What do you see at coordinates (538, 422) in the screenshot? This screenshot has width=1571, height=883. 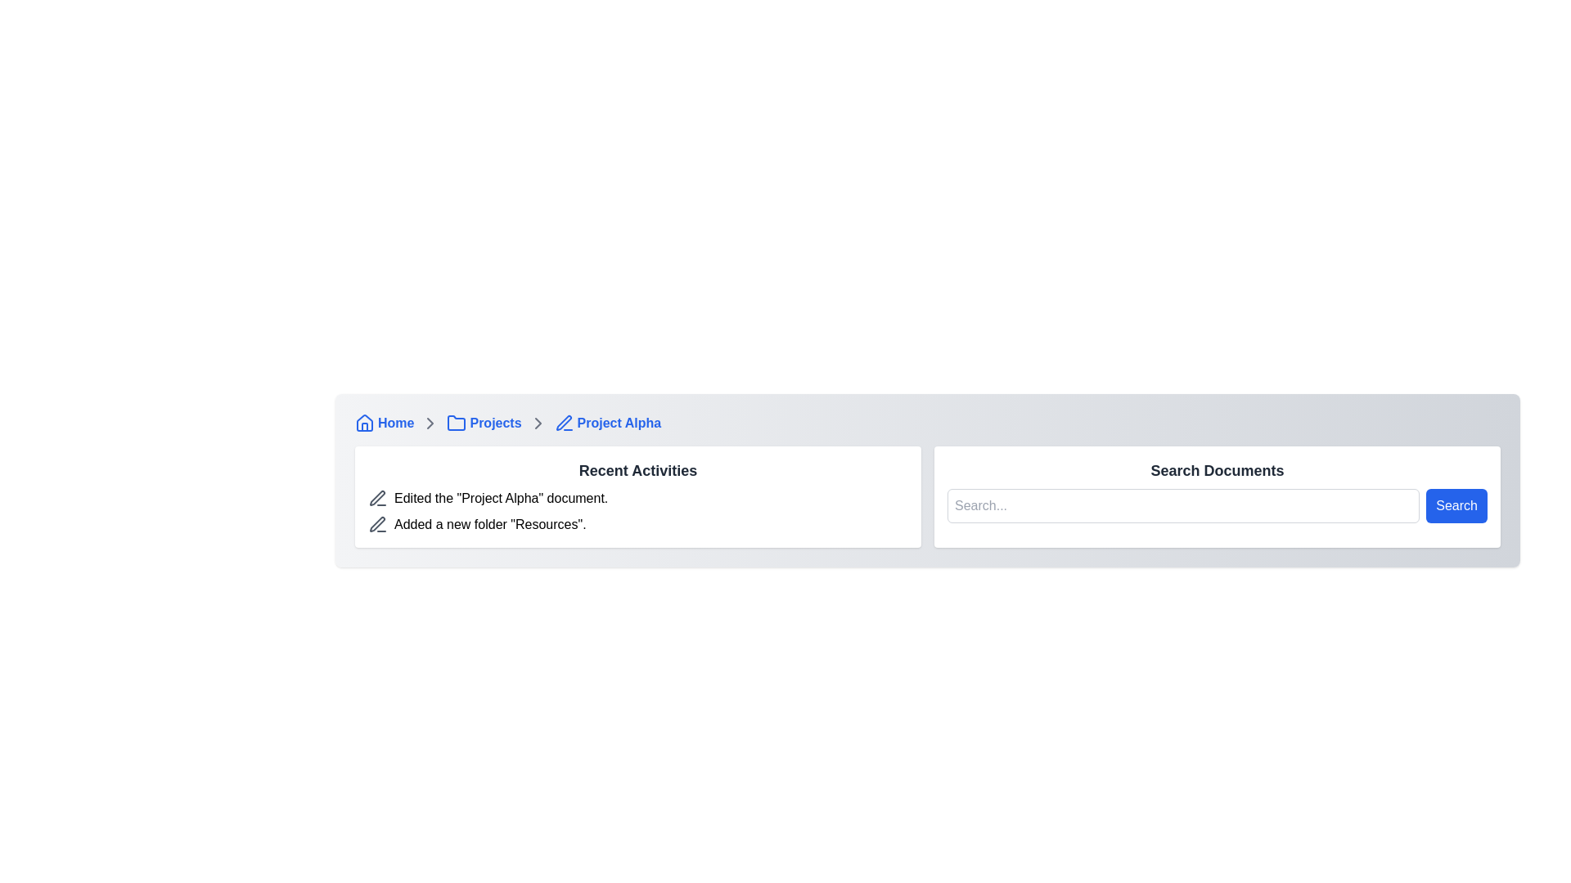 I see `the icon that serves as a visual separator in the breadcrumb navigation bar between 'Projects' and 'Project Alpha'` at bounding box center [538, 422].